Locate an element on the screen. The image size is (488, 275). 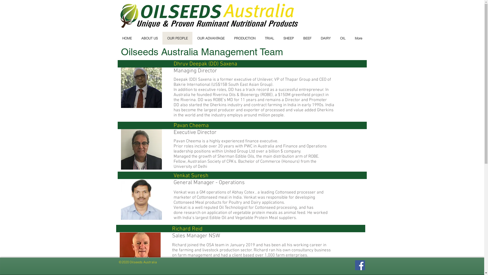
'OUR PEOPLE' is located at coordinates (177, 38).